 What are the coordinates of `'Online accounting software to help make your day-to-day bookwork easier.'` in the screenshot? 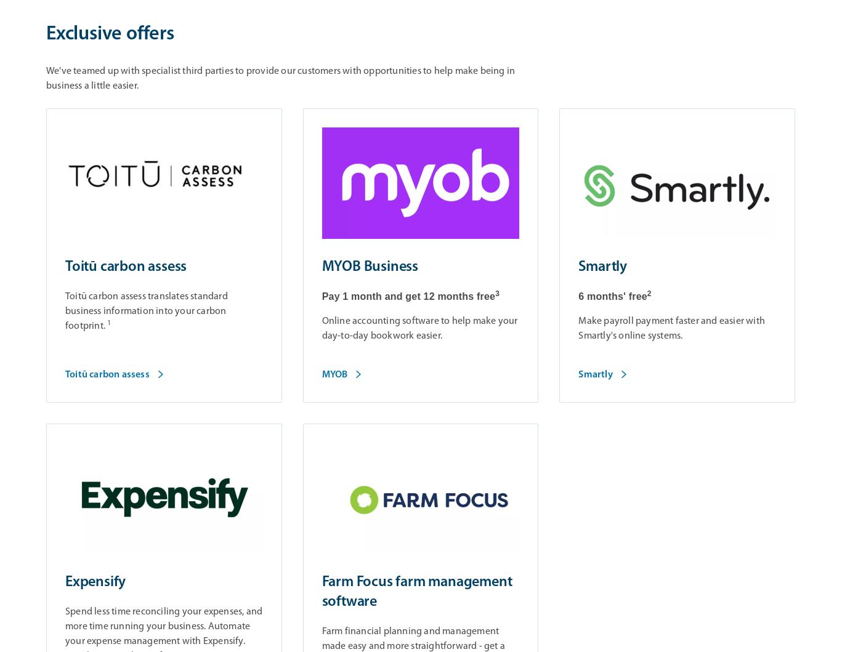 It's located at (419, 327).